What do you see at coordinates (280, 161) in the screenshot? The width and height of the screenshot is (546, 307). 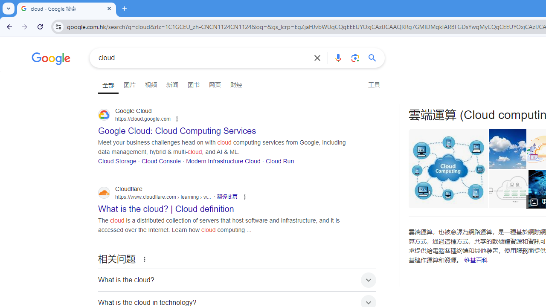 I see `'Cloud Run'` at bounding box center [280, 161].